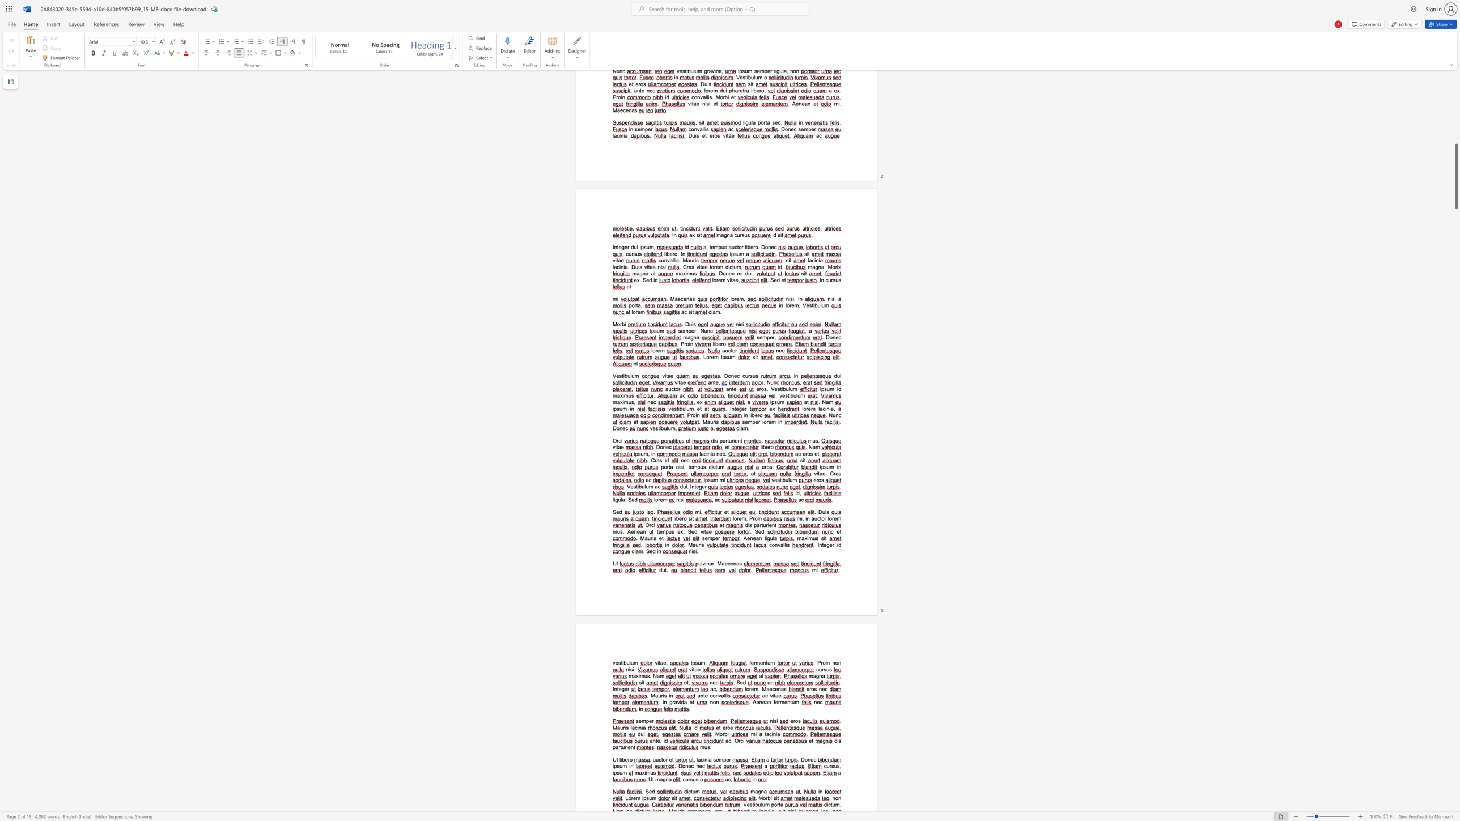 This screenshot has width=1460, height=821. Describe the element at coordinates (674, 518) in the screenshot. I see `the 1th character "l" in the text` at that location.